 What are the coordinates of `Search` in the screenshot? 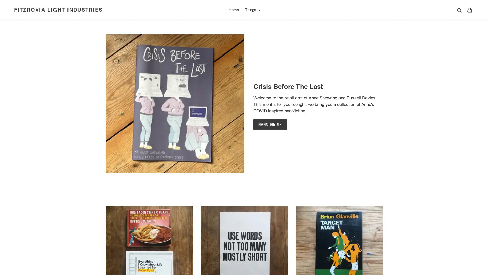 It's located at (460, 10).